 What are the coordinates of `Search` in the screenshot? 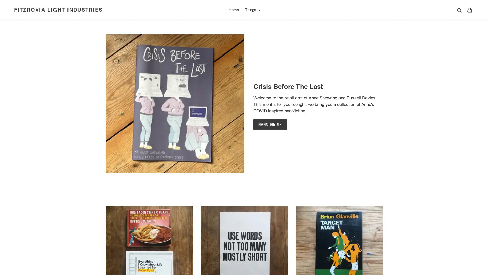 It's located at (460, 10).